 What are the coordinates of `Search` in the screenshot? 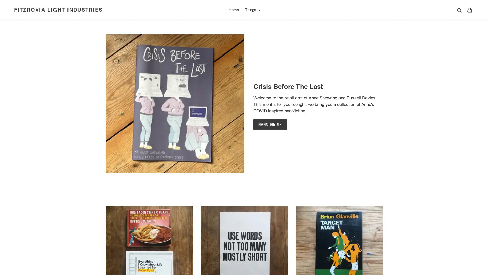 It's located at (460, 10).